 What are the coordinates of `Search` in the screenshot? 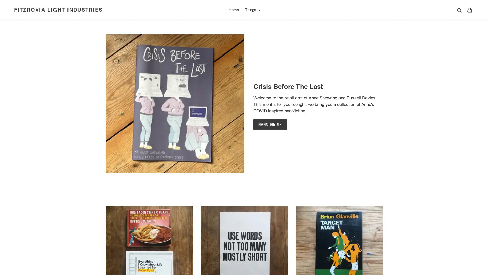 It's located at (460, 10).